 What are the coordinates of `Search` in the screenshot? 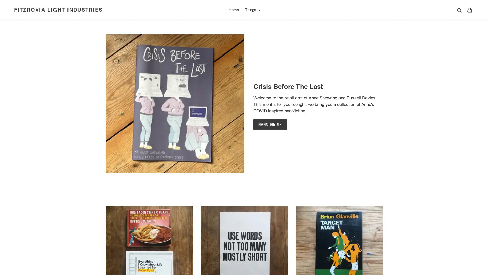 It's located at (460, 10).